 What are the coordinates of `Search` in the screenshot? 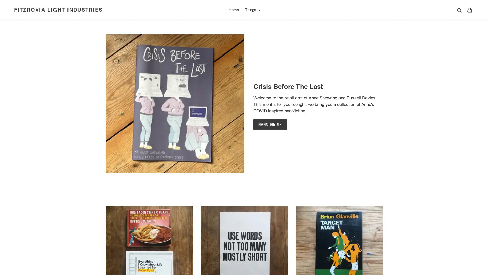 It's located at (460, 10).